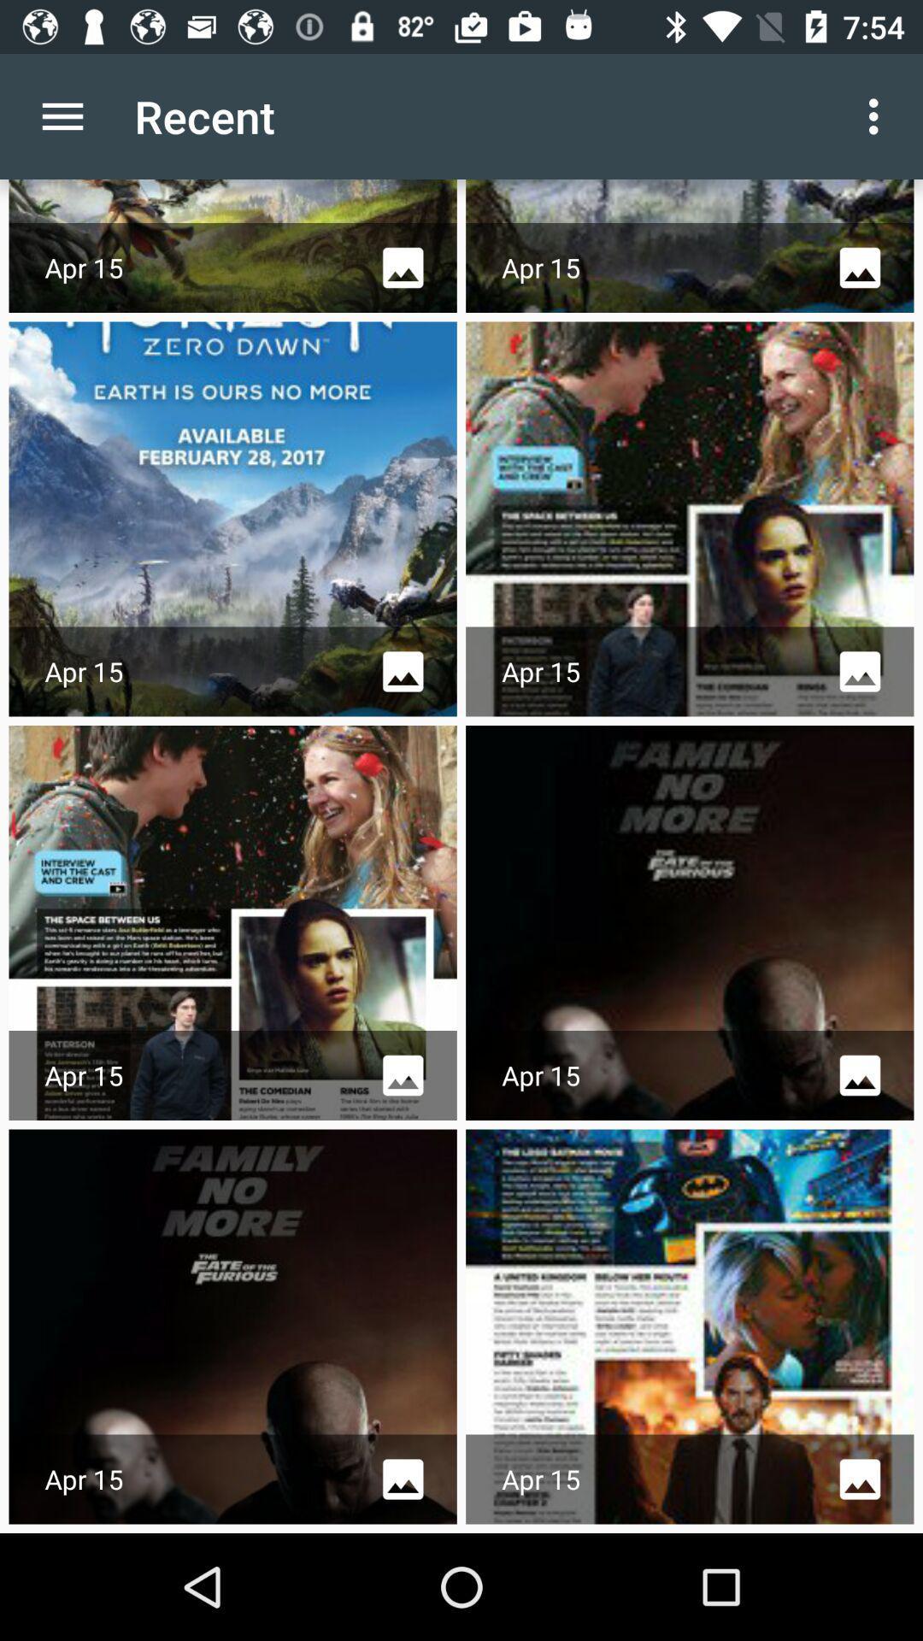 Image resolution: width=923 pixels, height=1641 pixels. Describe the element at coordinates (689, 922) in the screenshot. I see `second option in third row of the page` at that location.